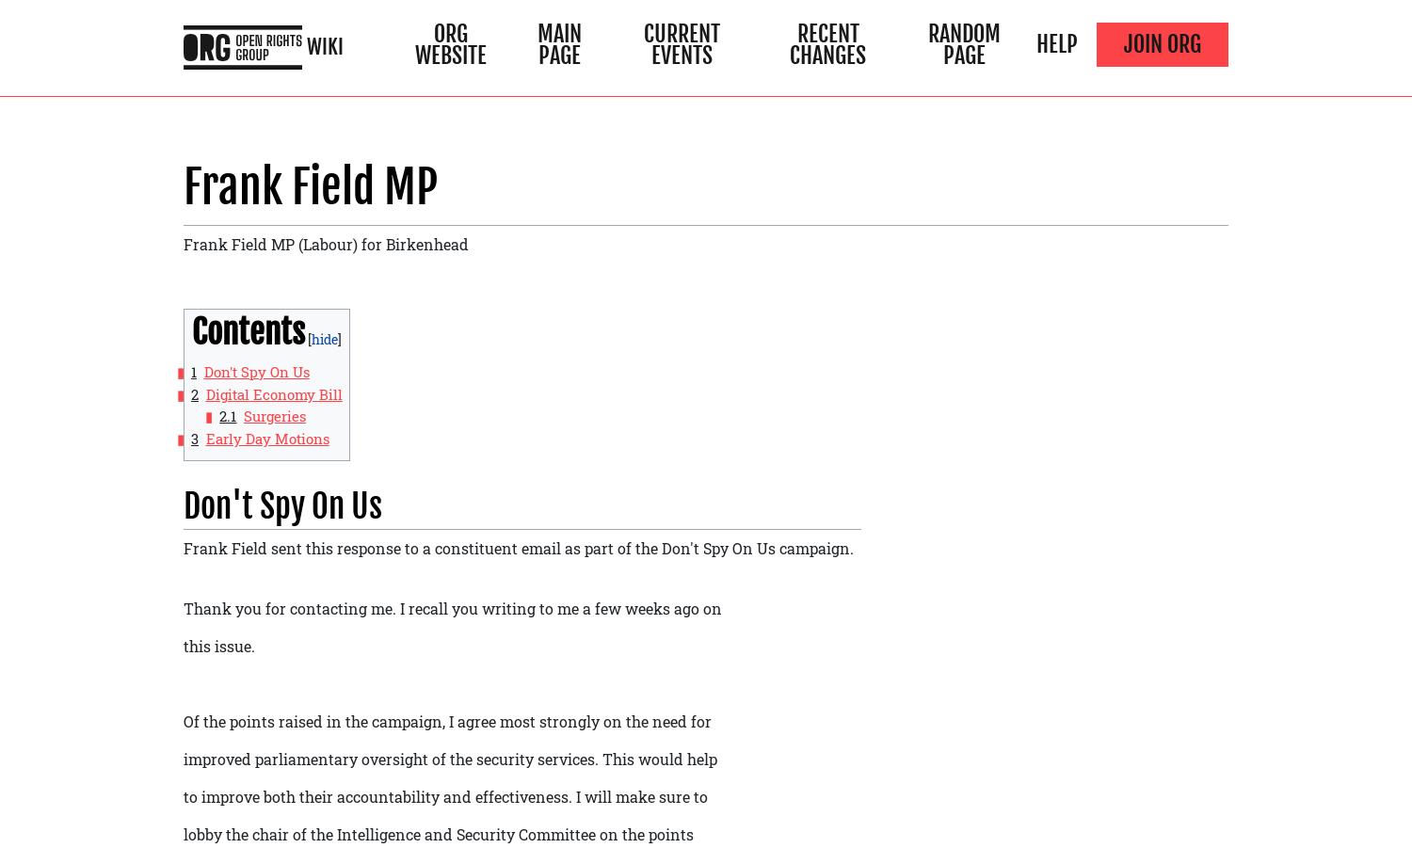  Describe the element at coordinates (194, 392) in the screenshot. I see `'2'` at that location.